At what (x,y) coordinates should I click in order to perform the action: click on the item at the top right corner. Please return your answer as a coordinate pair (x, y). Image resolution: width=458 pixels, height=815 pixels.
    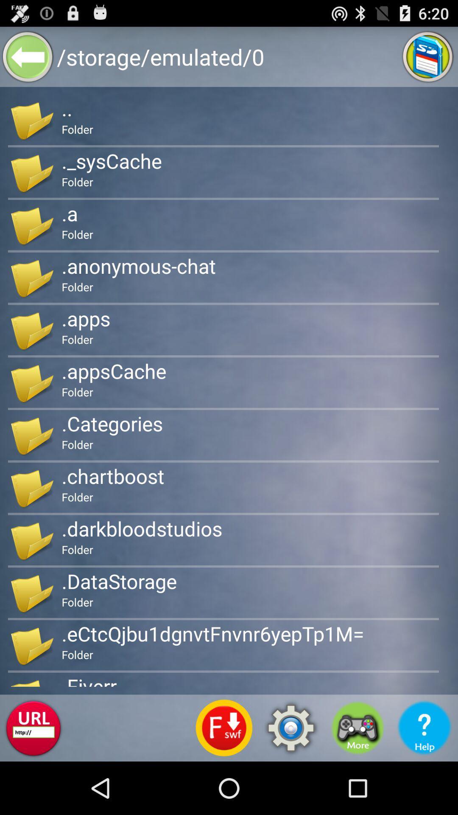
    Looking at the image, I should click on (428, 56).